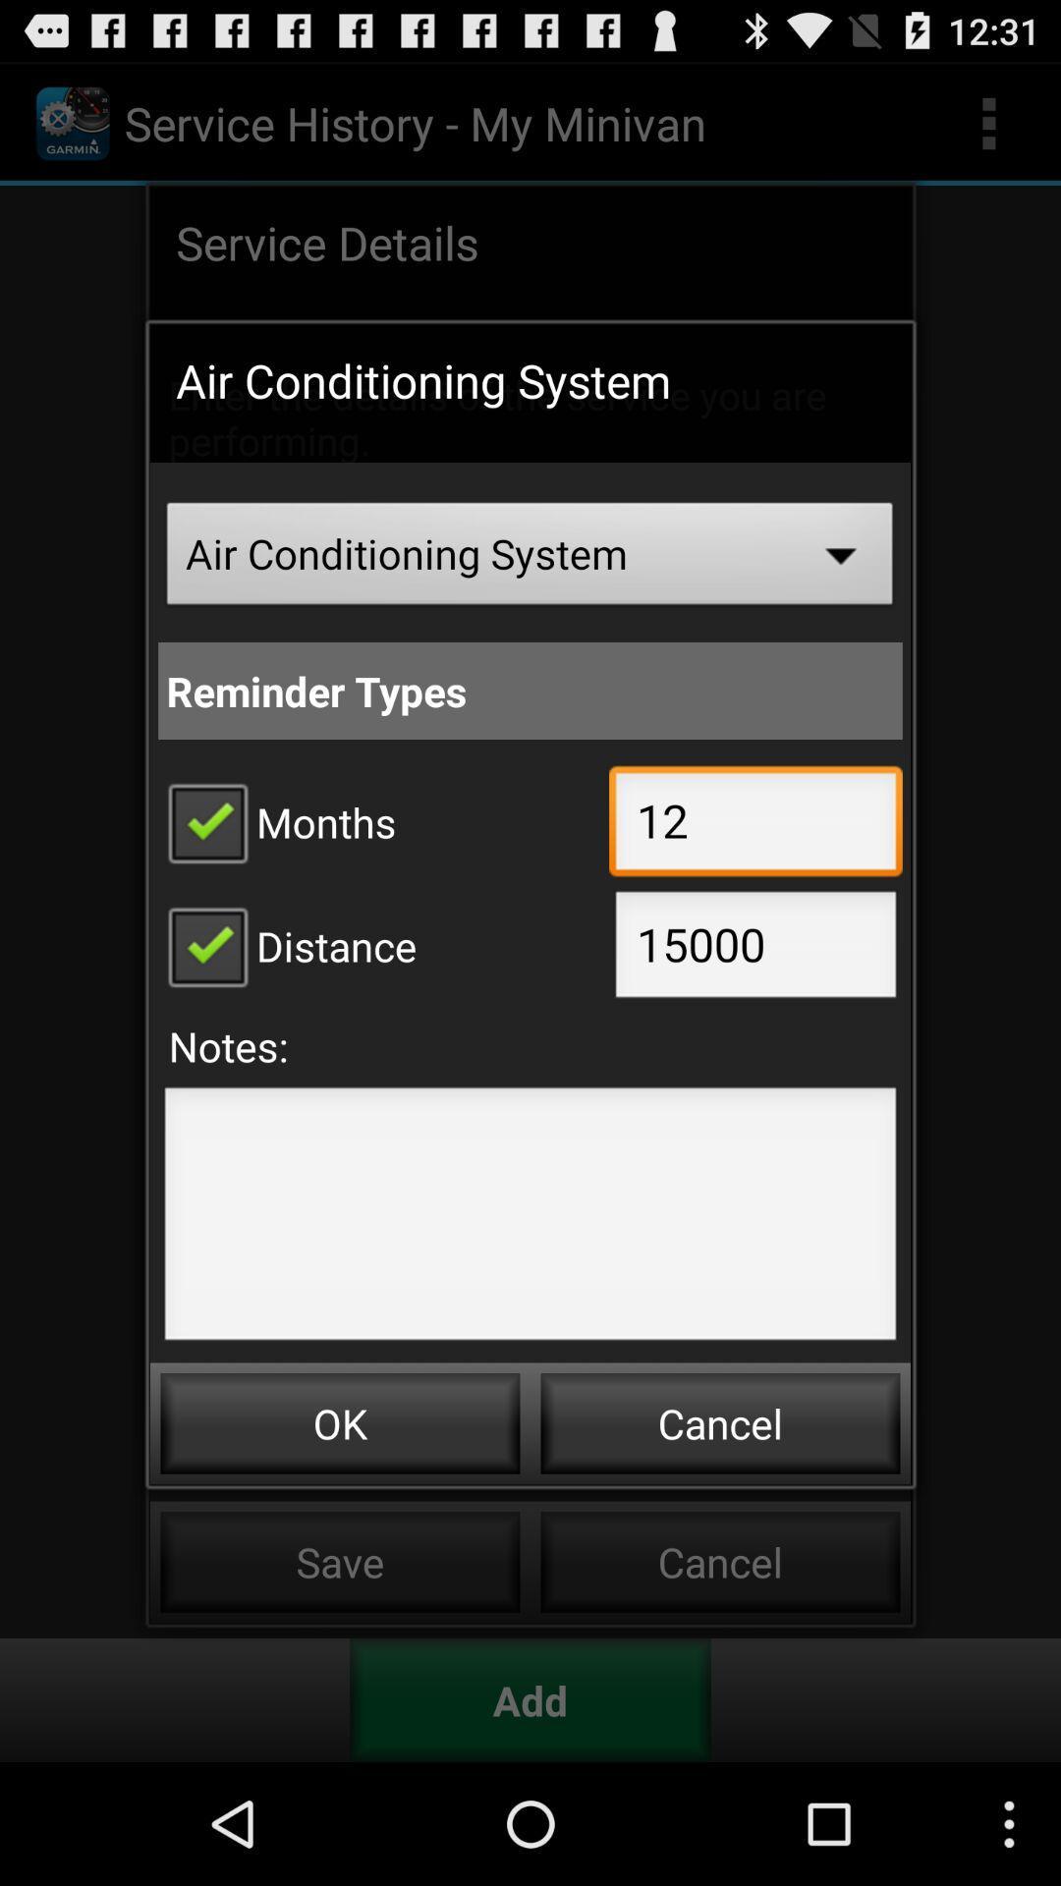 The height and width of the screenshot is (1886, 1061). I want to click on feed back to given us, so click(530, 1218).